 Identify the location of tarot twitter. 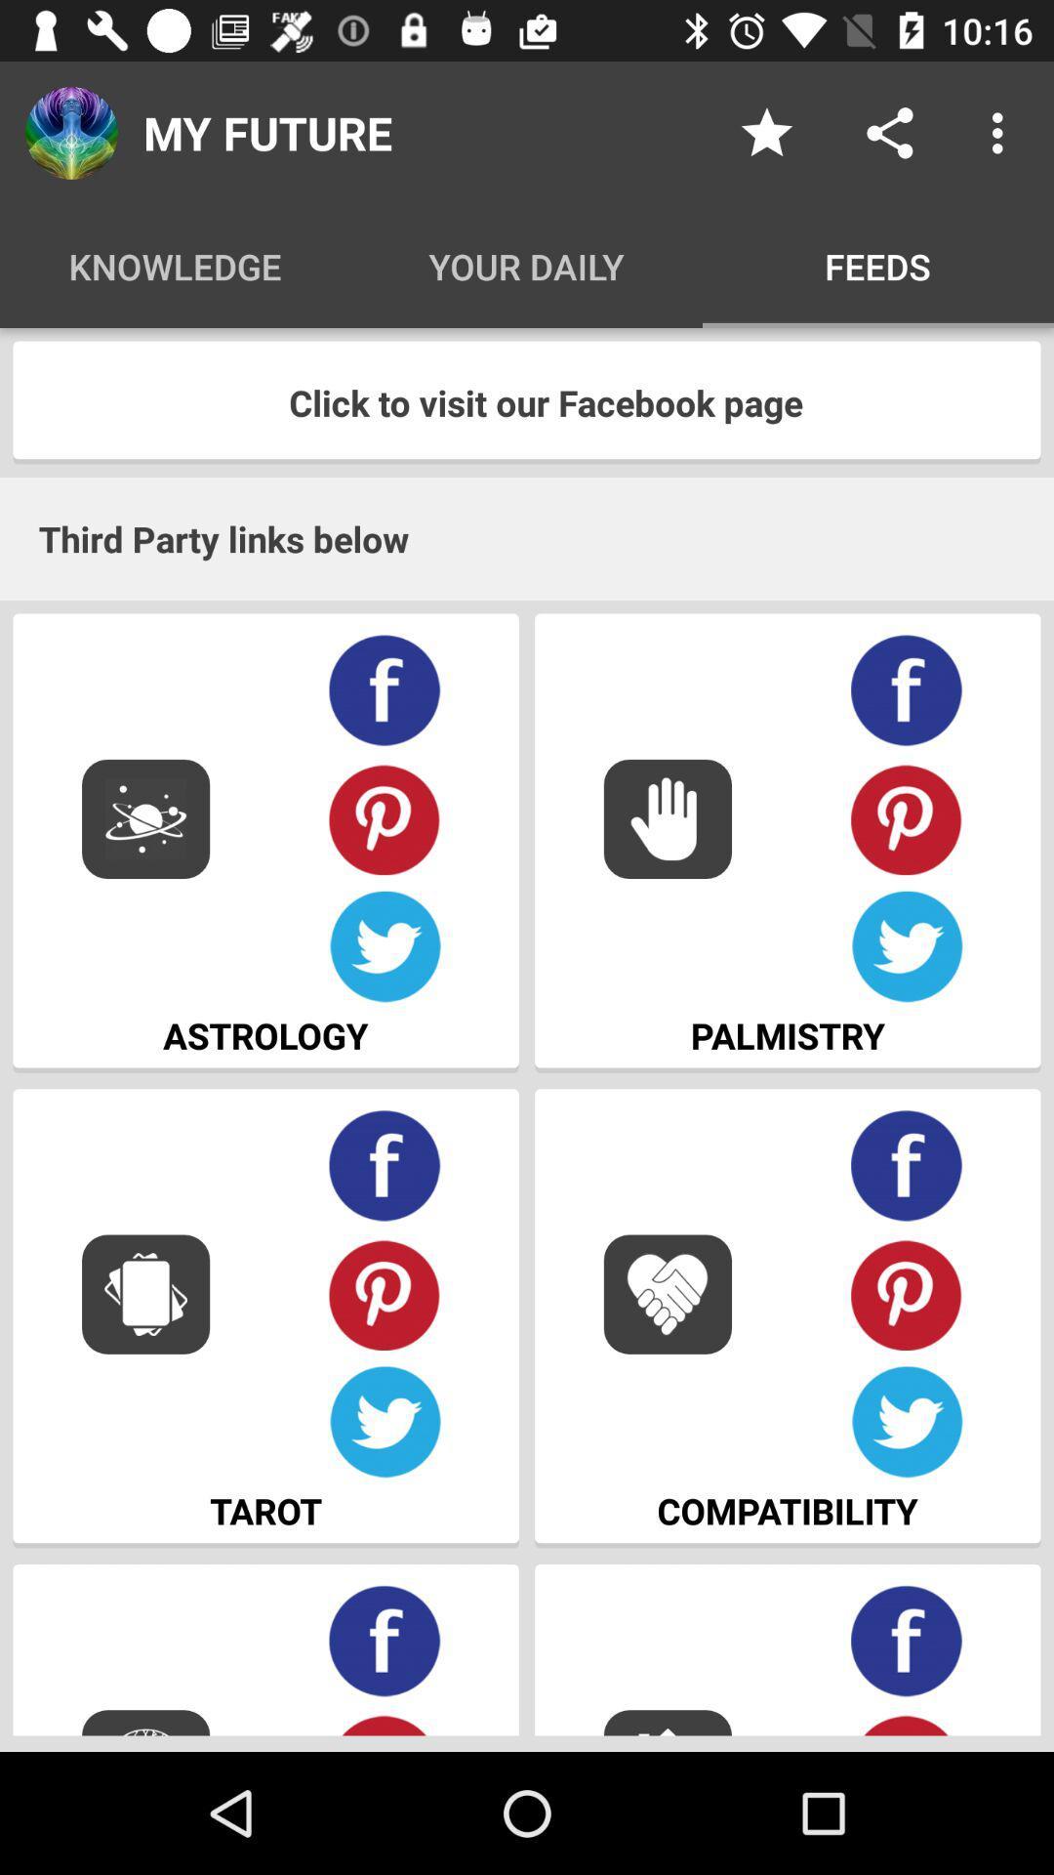
(385, 1422).